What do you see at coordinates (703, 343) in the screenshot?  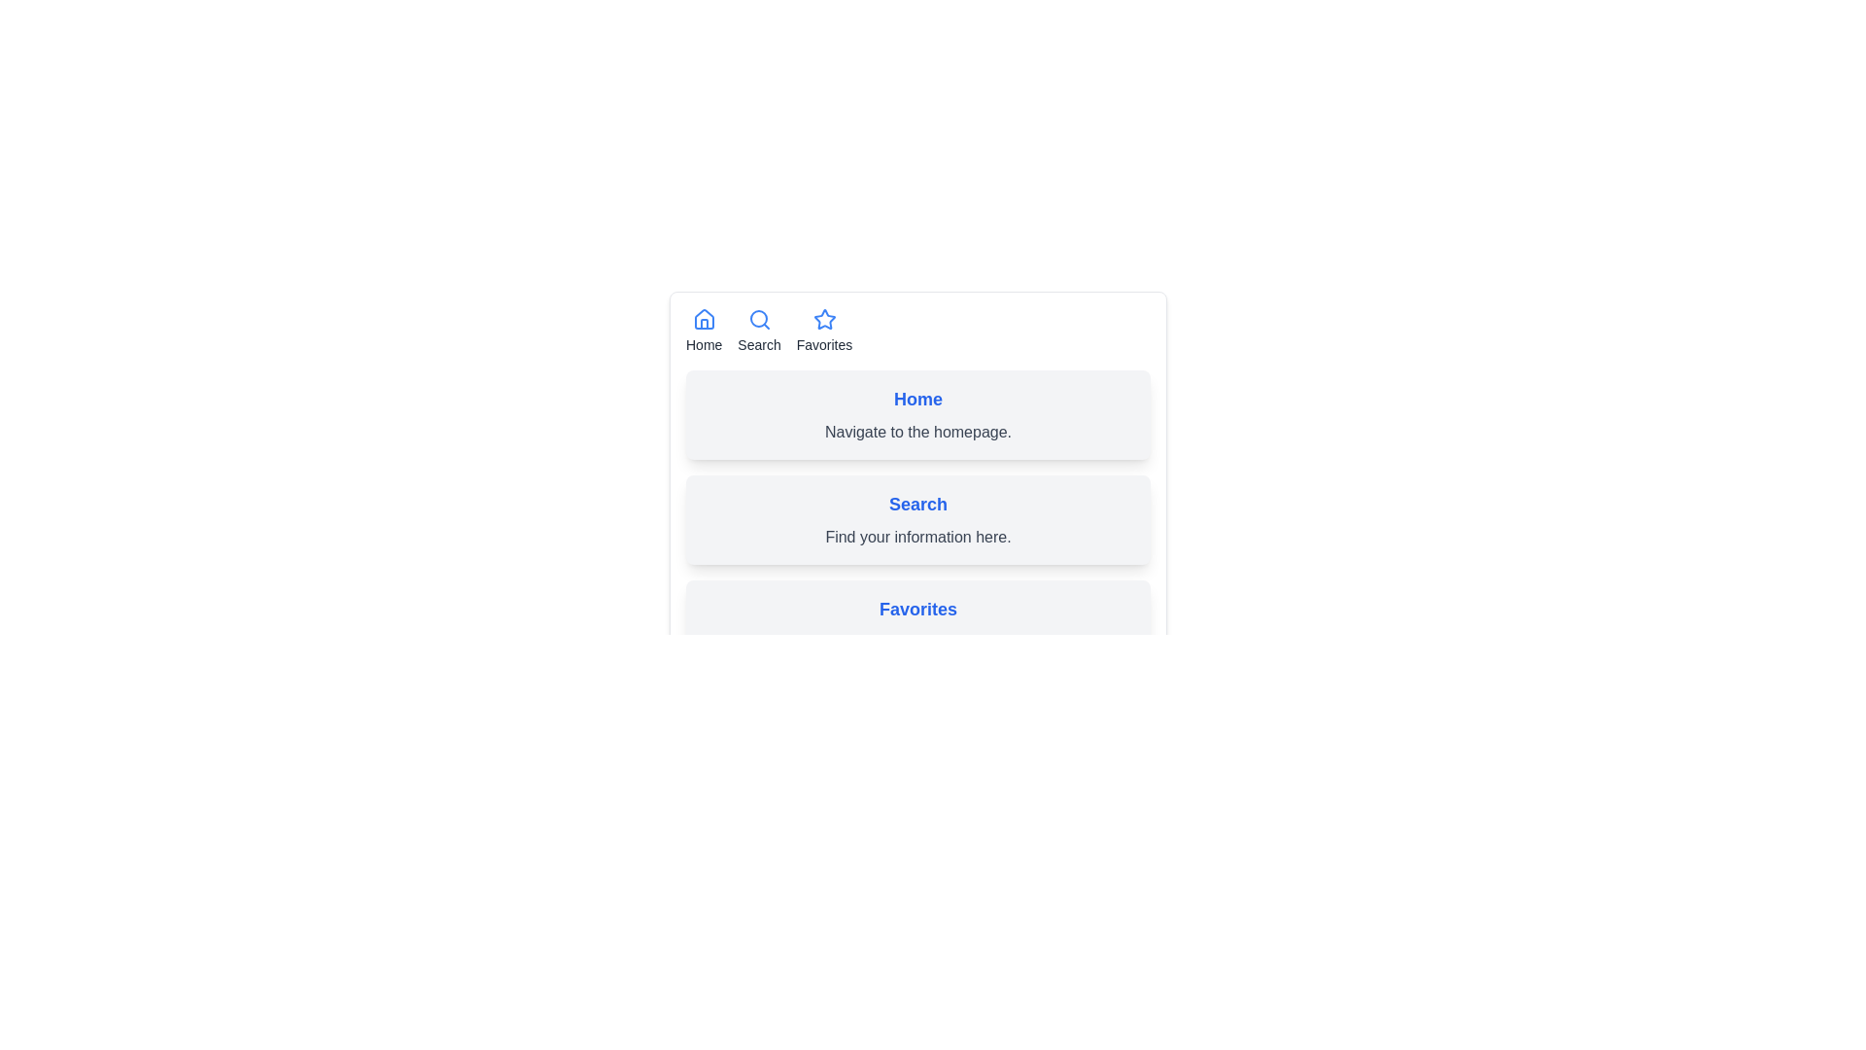 I see `the text label located directly under the house-shaped icon, which serves as a descriptive subtitle for the icon` at bounding box center [703, 343].